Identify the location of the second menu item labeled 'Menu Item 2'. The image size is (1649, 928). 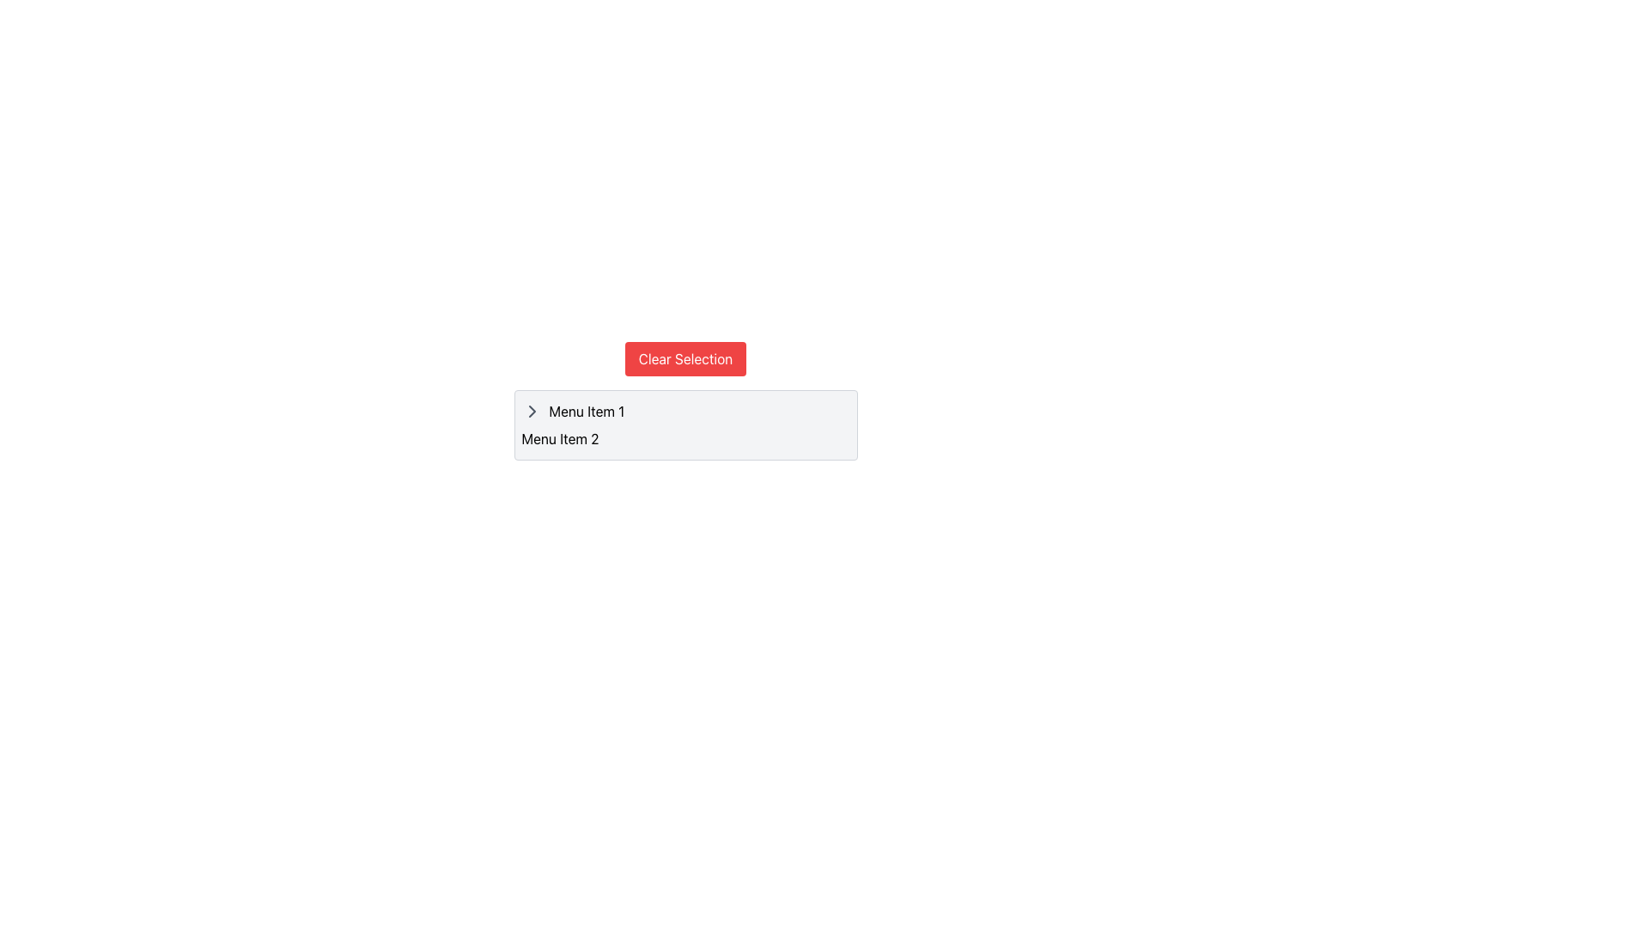
(685, 437).